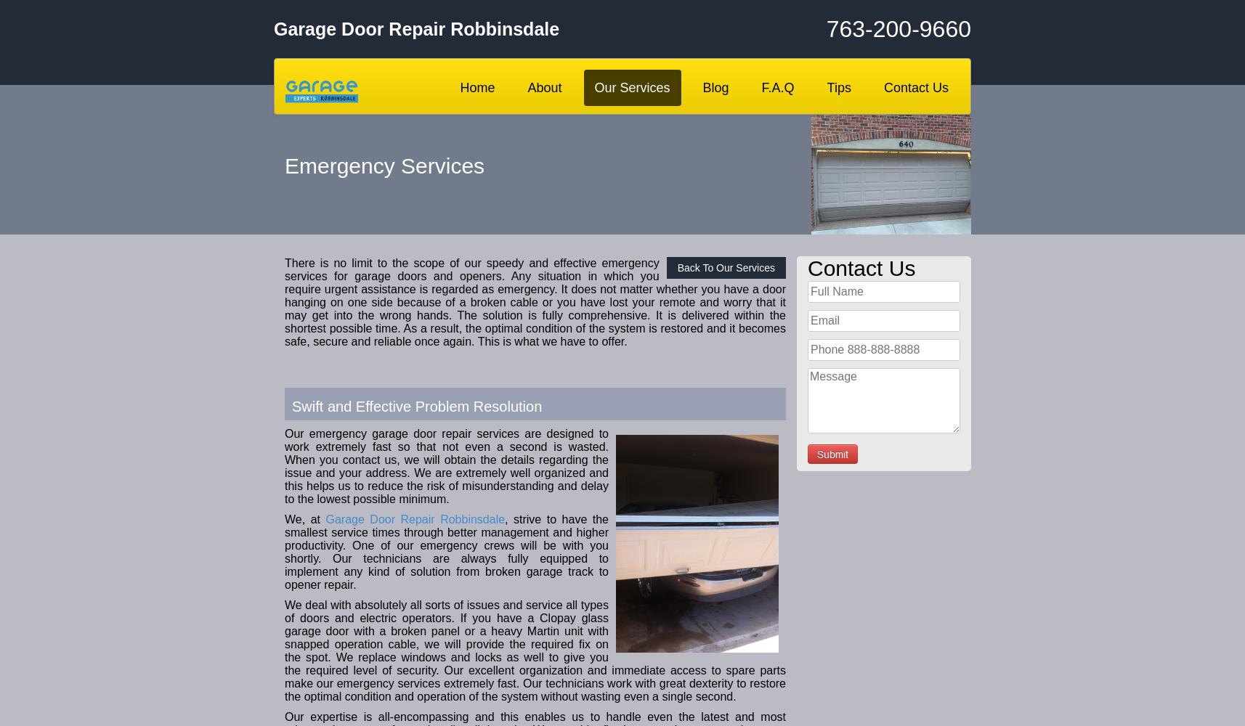  I want to click on 'Swift and Effective Problem Resolution', so click(291, 407).